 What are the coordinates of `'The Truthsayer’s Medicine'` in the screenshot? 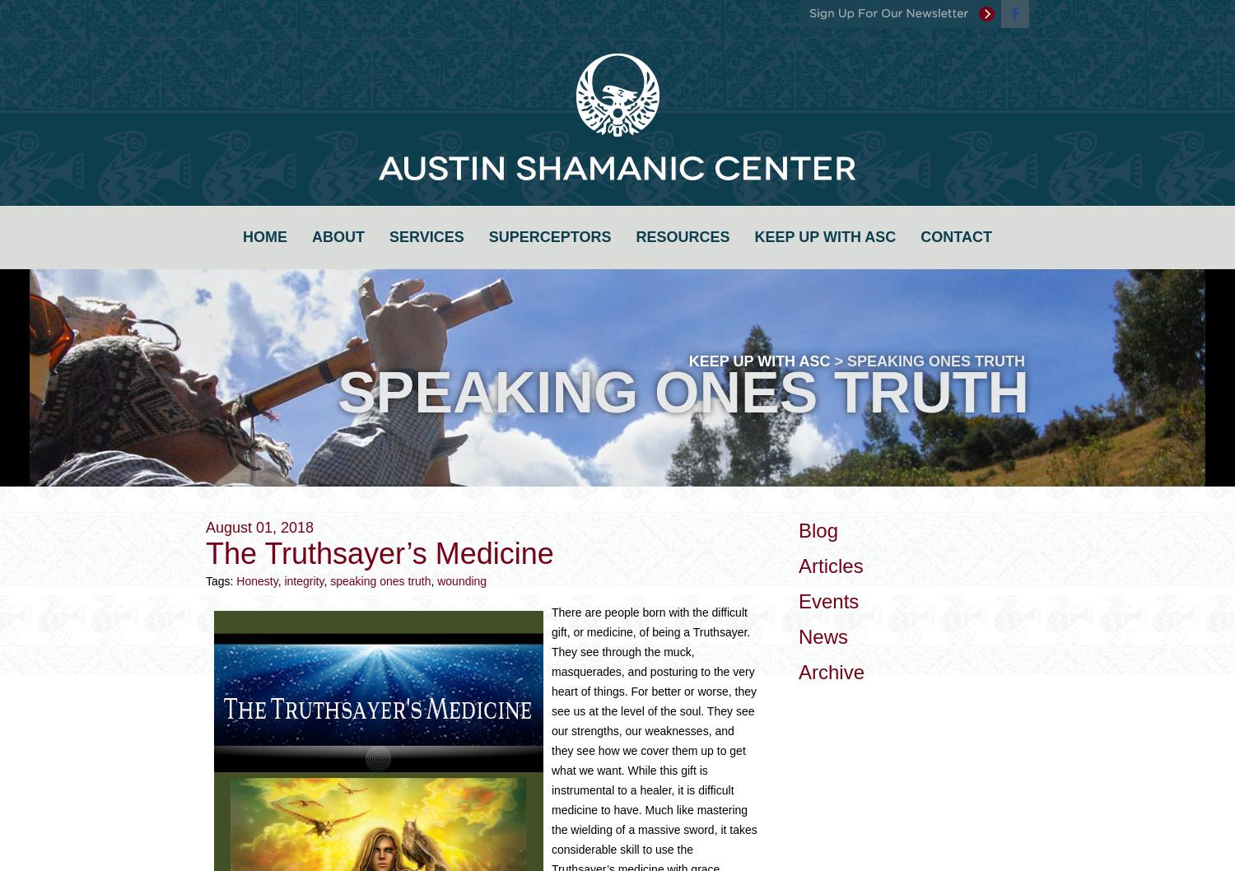 It's located at (378, 552).